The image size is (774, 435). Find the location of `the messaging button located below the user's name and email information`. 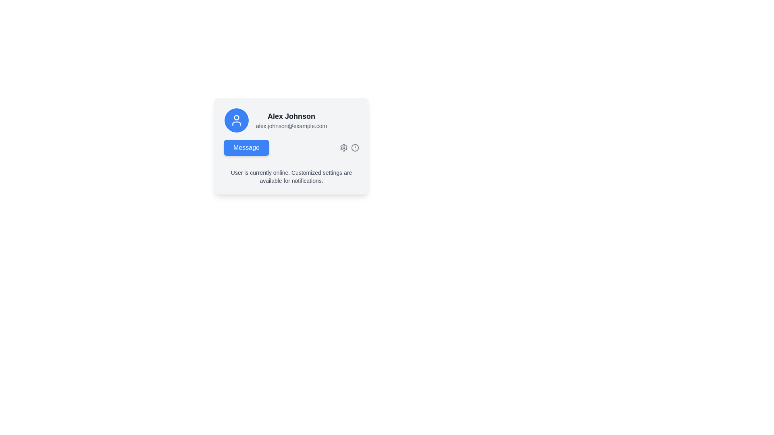

the messaging button located below the user's name and email information is located at coordinates (291, 147).